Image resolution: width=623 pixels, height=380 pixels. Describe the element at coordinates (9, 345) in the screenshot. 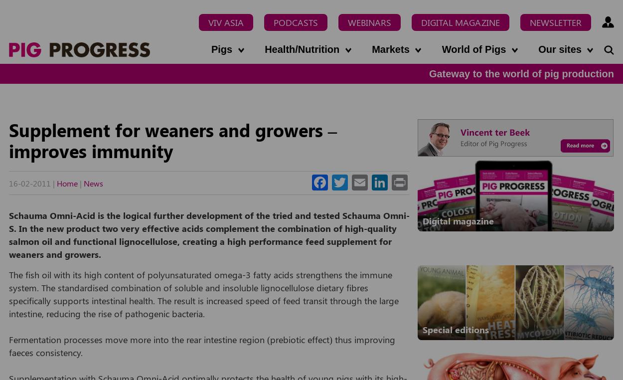

I see `'Fermentation processes move more into the rear intestine region (prebiotic effect) thus improving faeces consistency.'` at that location.